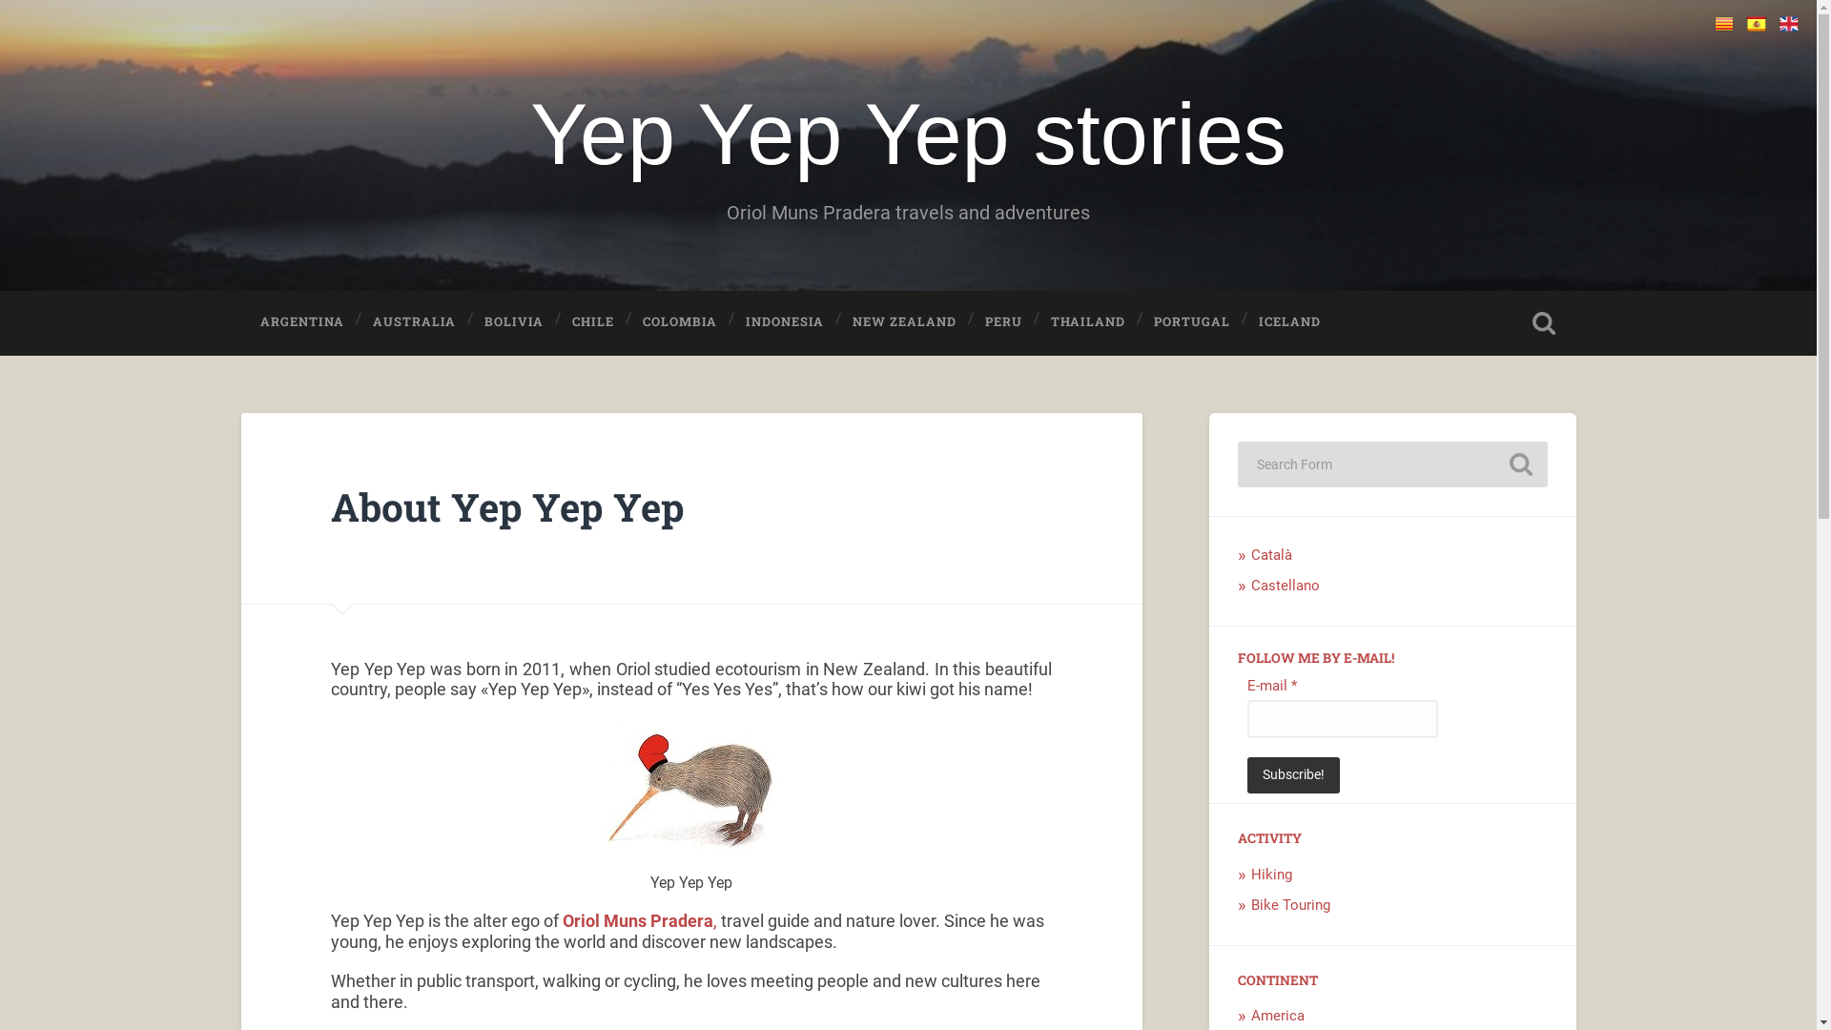 The width and height of the screenshot is (1831, 1030). What do you see at coordinates (1293, 775) in the screenshot?
I see `'Subscribe!'` at bounding box center [1293, 775].